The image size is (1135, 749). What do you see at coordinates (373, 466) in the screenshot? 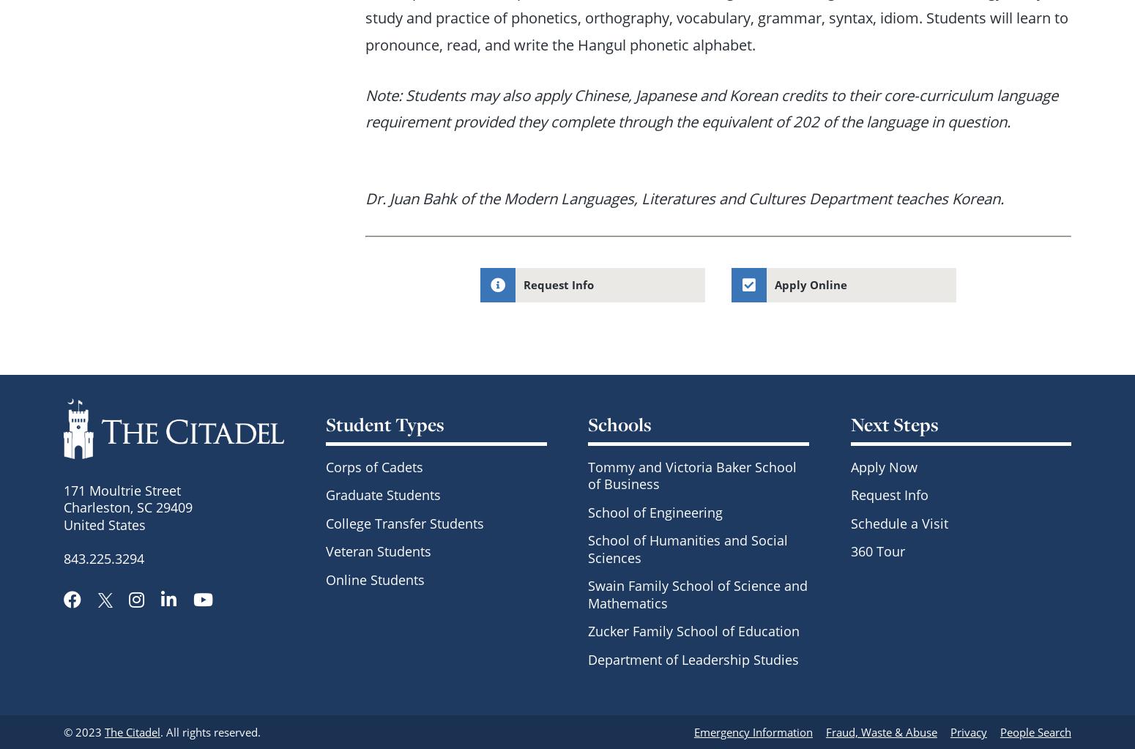
I see `'Corps of Cadets'` at bounding box center [373, 466].